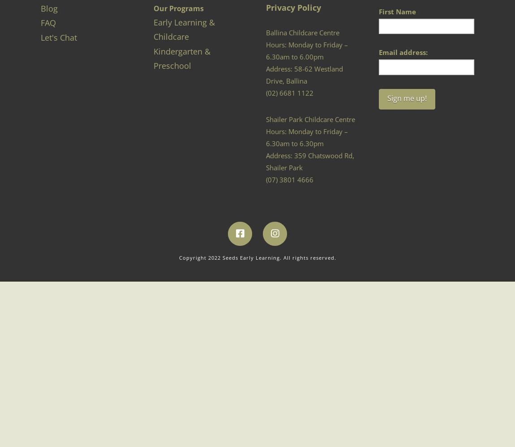  I want to click on '(02) 6681 1122', so click(289, 92).